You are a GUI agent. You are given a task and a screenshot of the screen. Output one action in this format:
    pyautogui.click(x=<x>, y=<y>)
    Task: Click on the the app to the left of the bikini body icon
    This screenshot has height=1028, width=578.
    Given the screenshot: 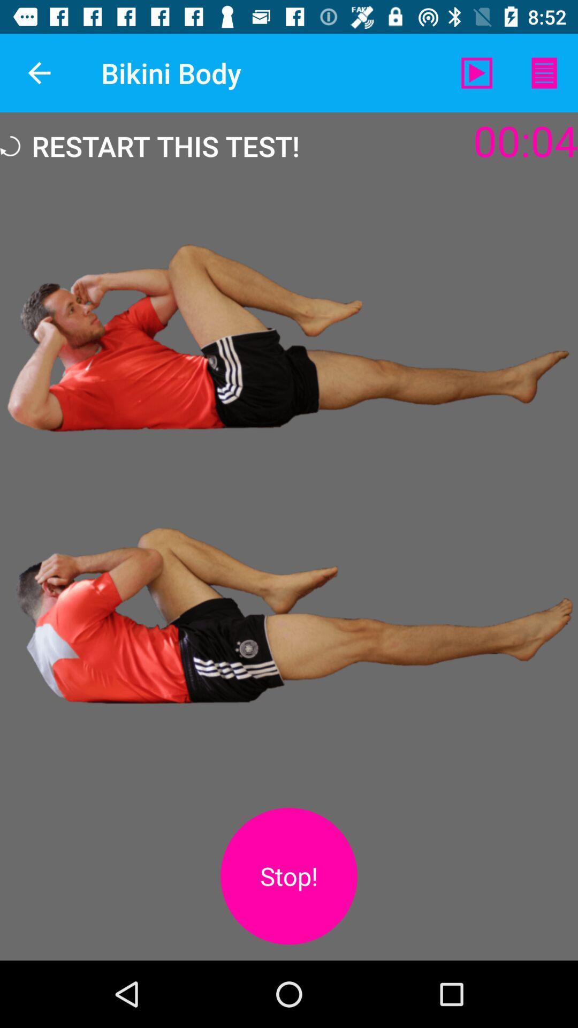 What is the action you would take?
    pyautogui.click(x=39, y=72)
    